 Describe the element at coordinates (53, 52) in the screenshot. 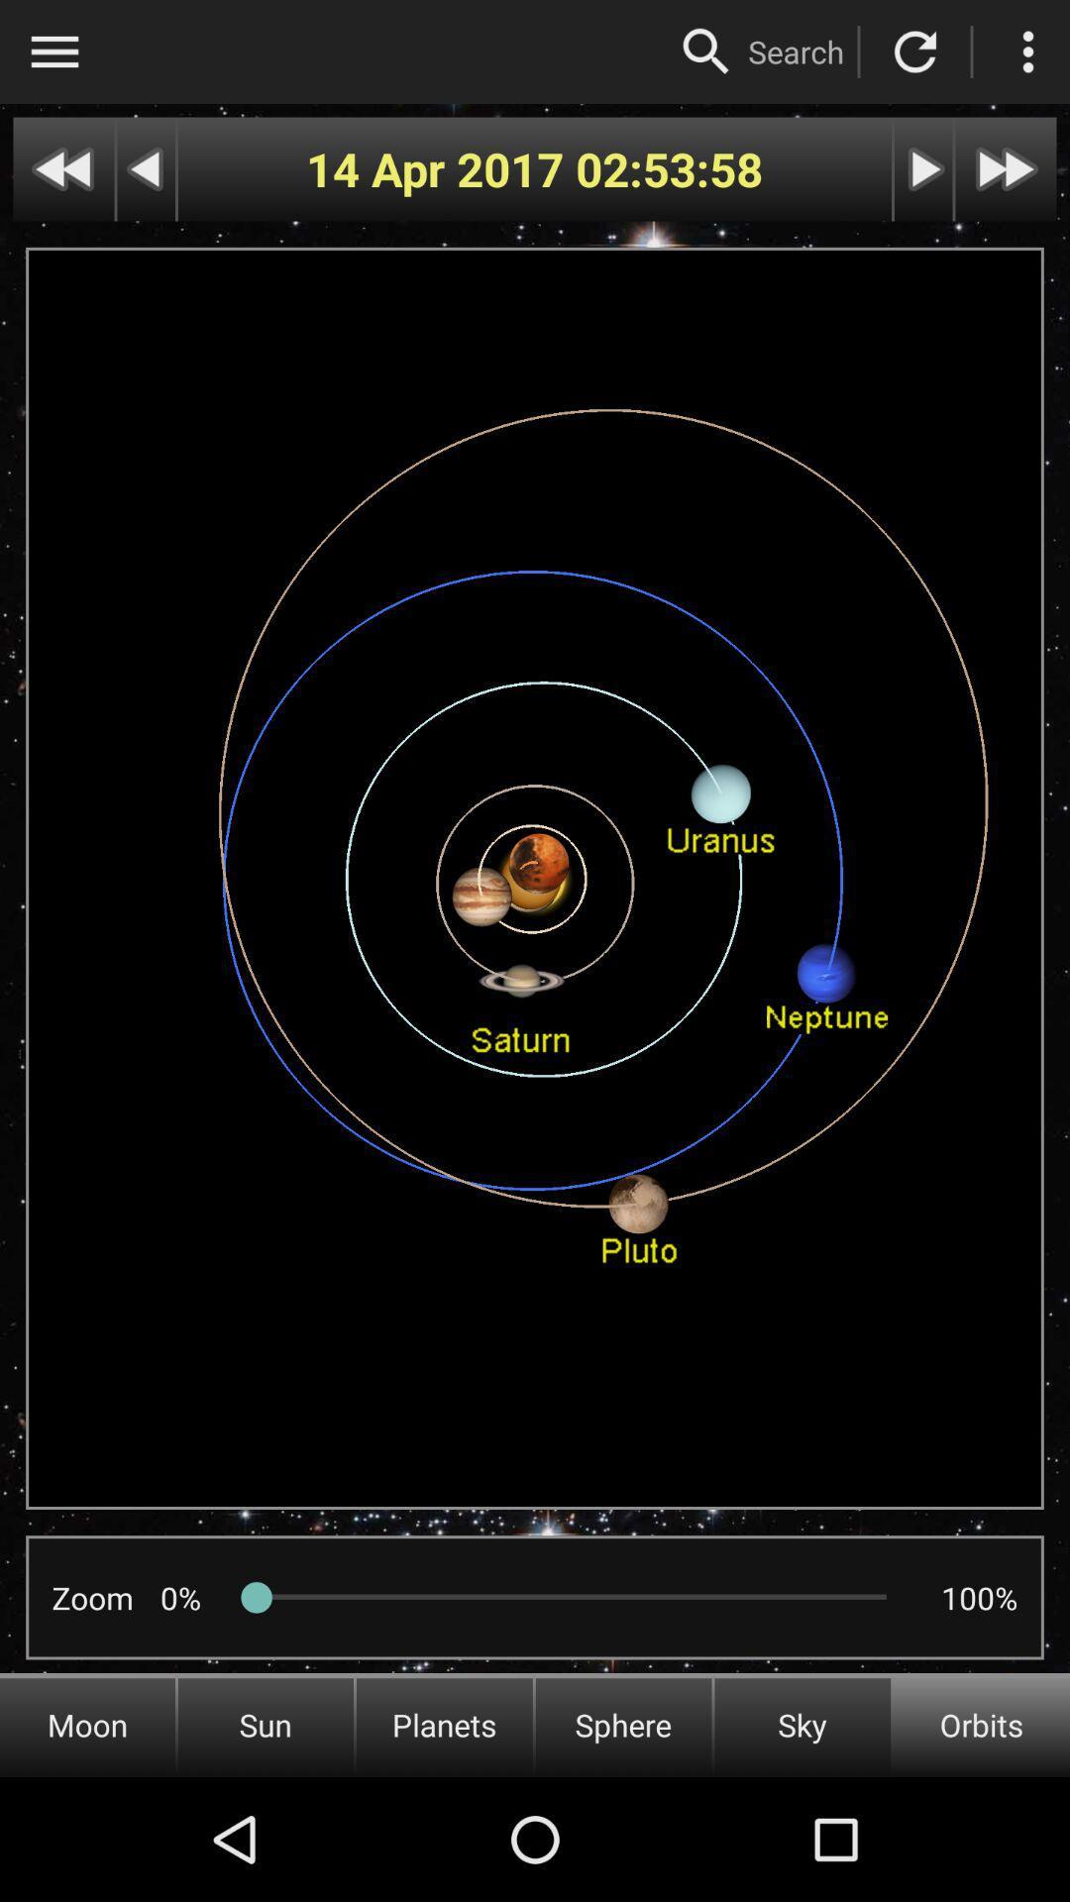

I see `the menu icon` at that location.